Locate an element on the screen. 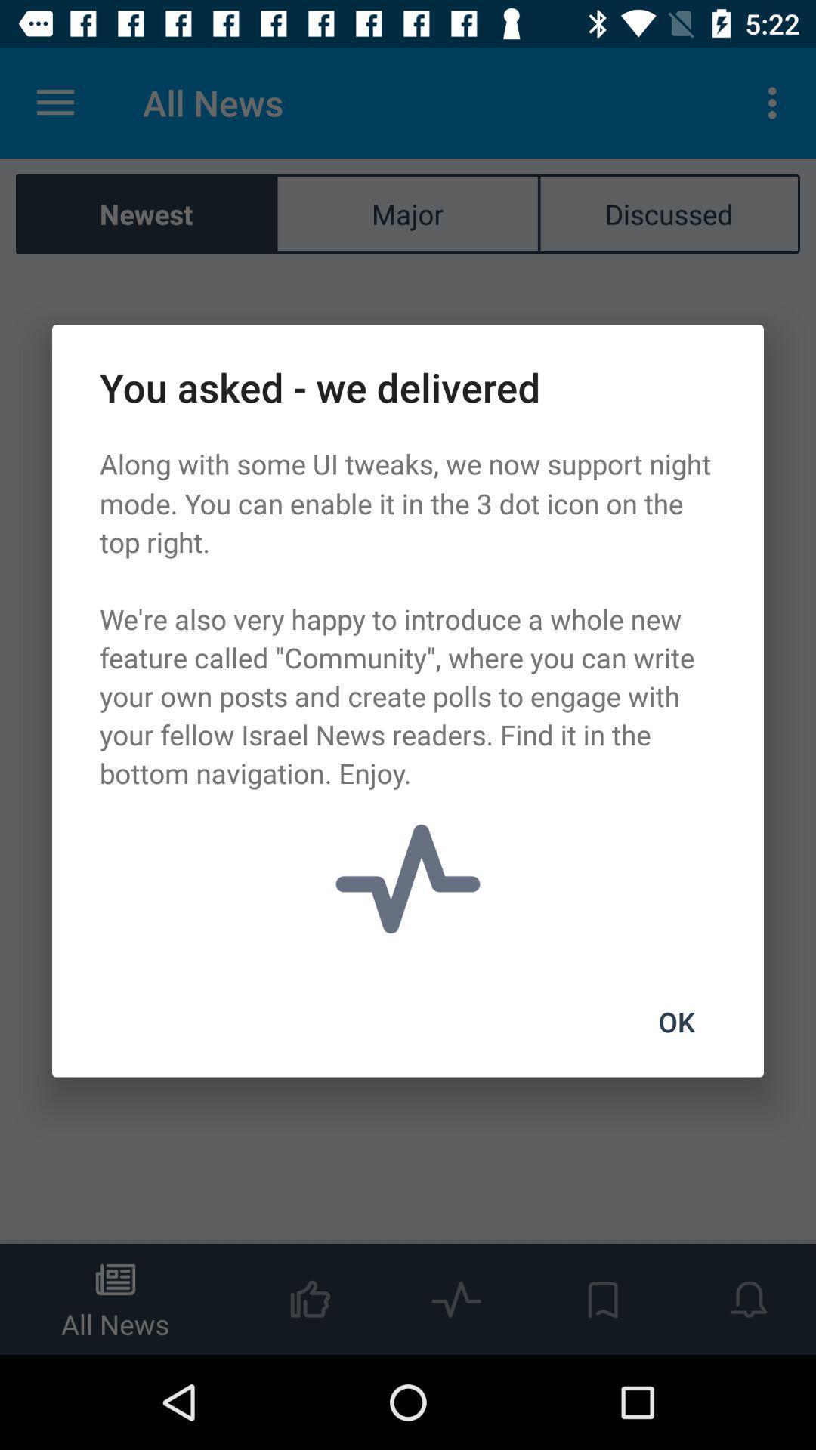 The height and width of the screenshot is (1450, 816). the item at the bottom right corner is located at coordinates (675, 1022).